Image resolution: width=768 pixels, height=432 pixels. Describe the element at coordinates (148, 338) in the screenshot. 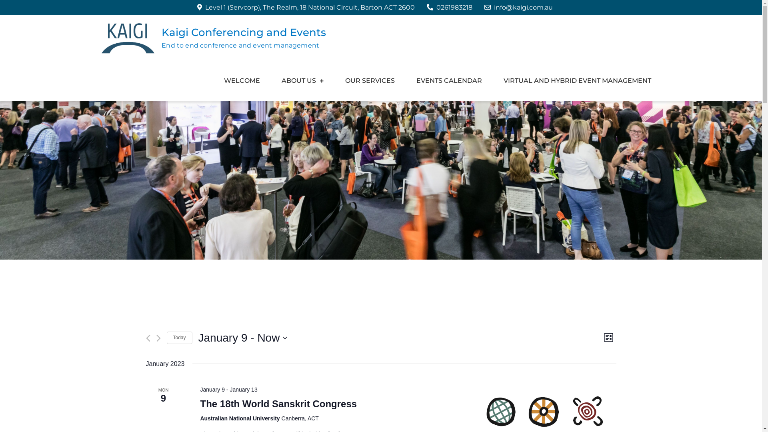

I see `'Previous Events'` at that location.